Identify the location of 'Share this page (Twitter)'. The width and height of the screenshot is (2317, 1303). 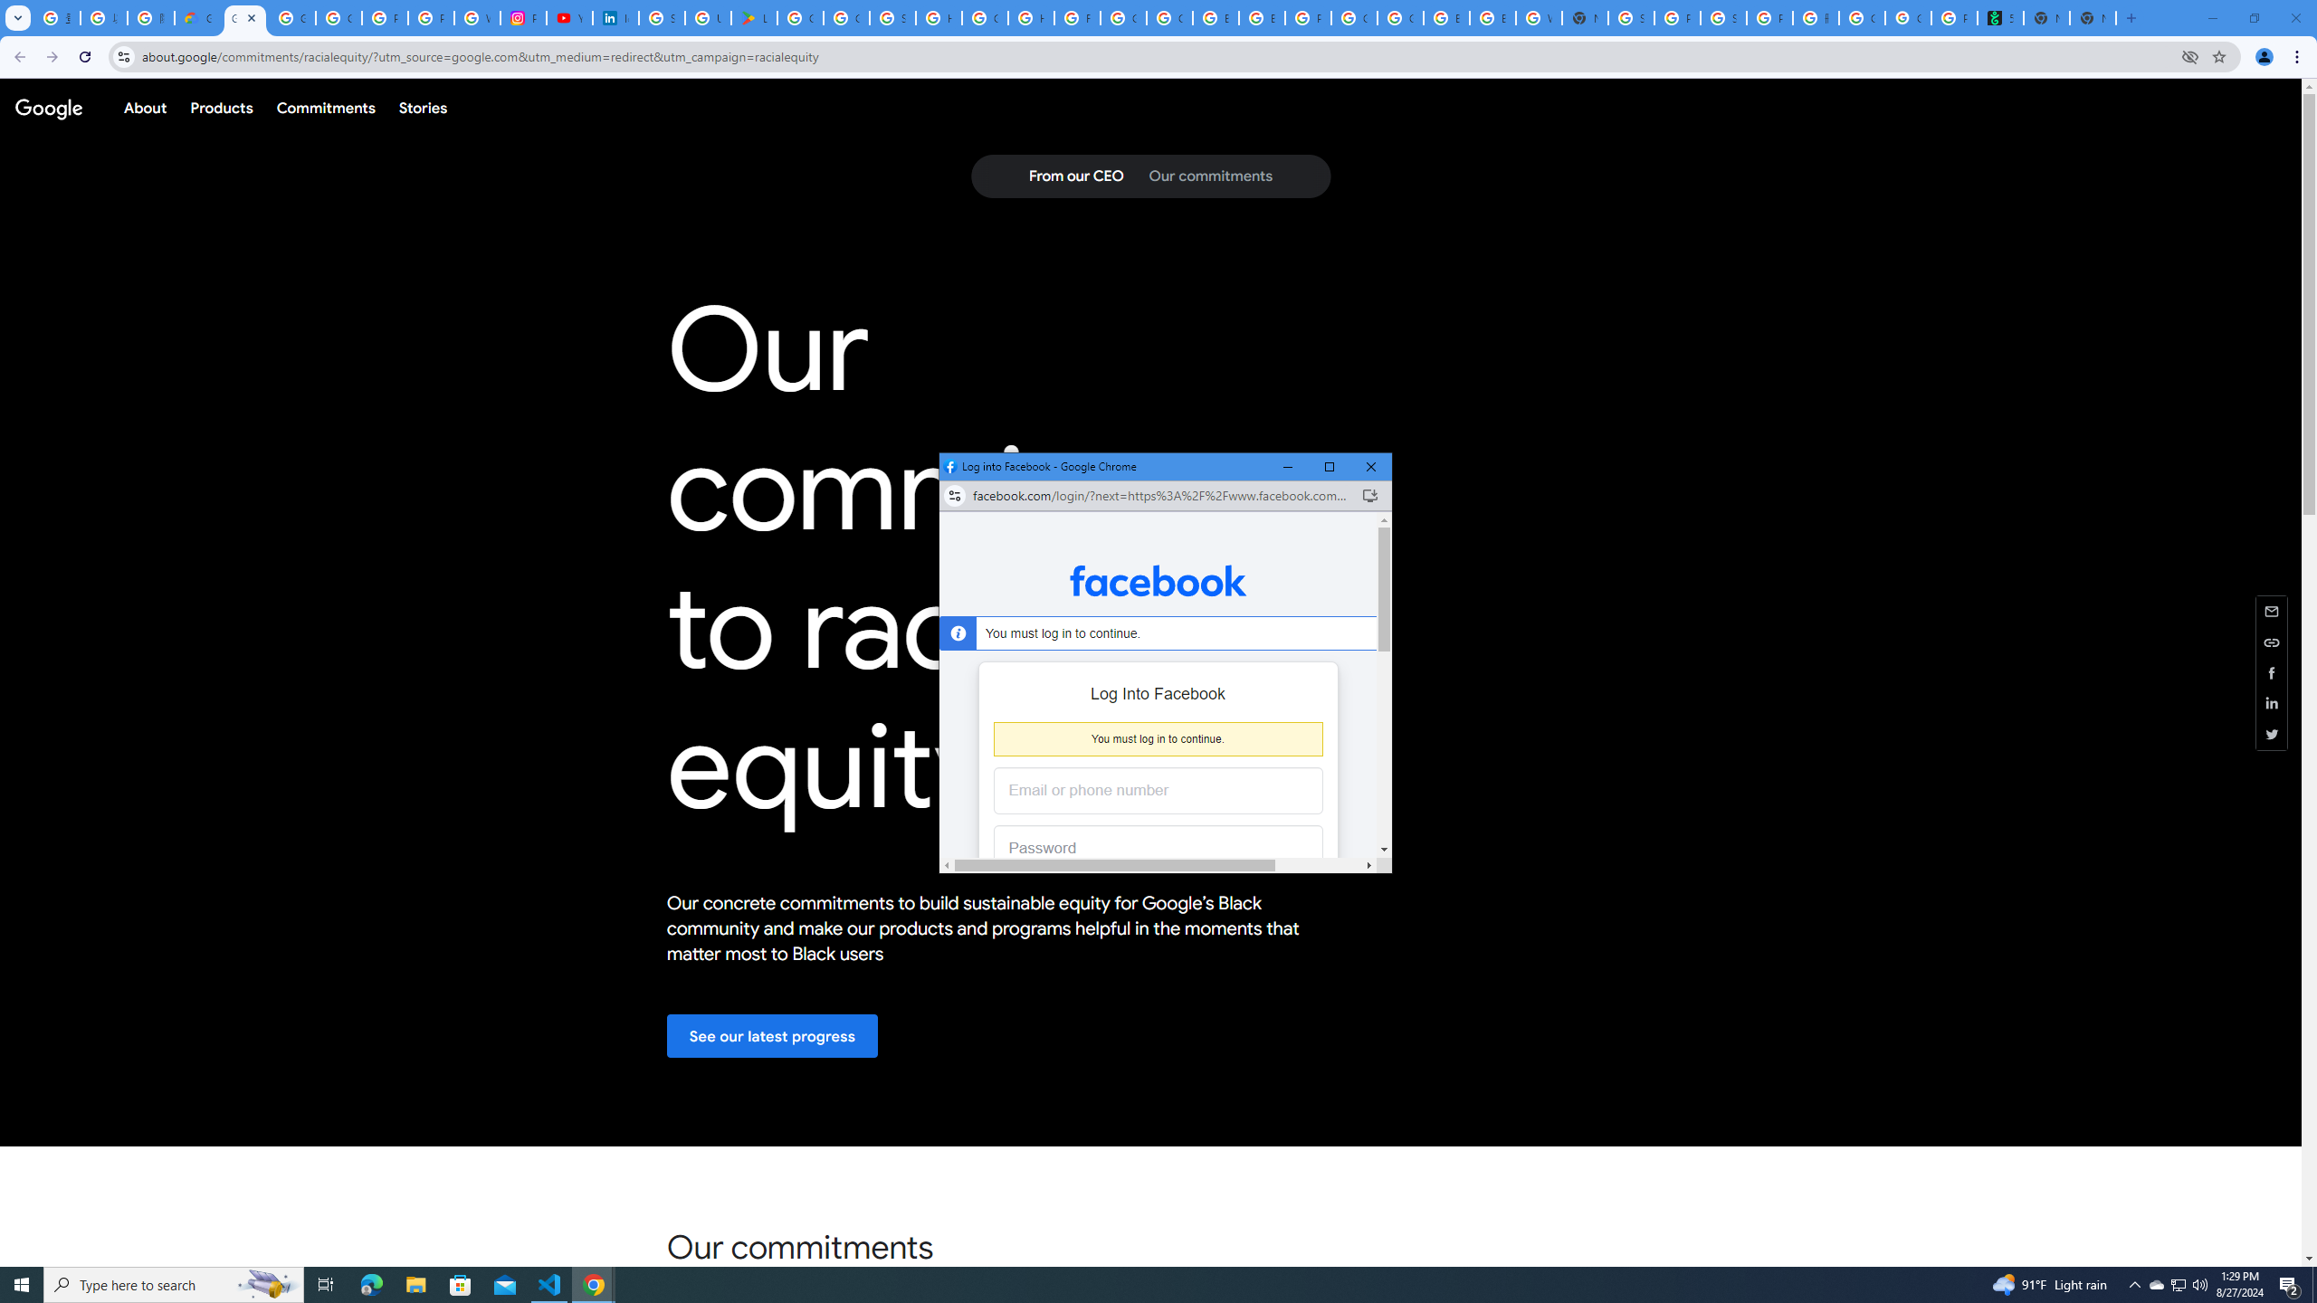
(2272, 734).